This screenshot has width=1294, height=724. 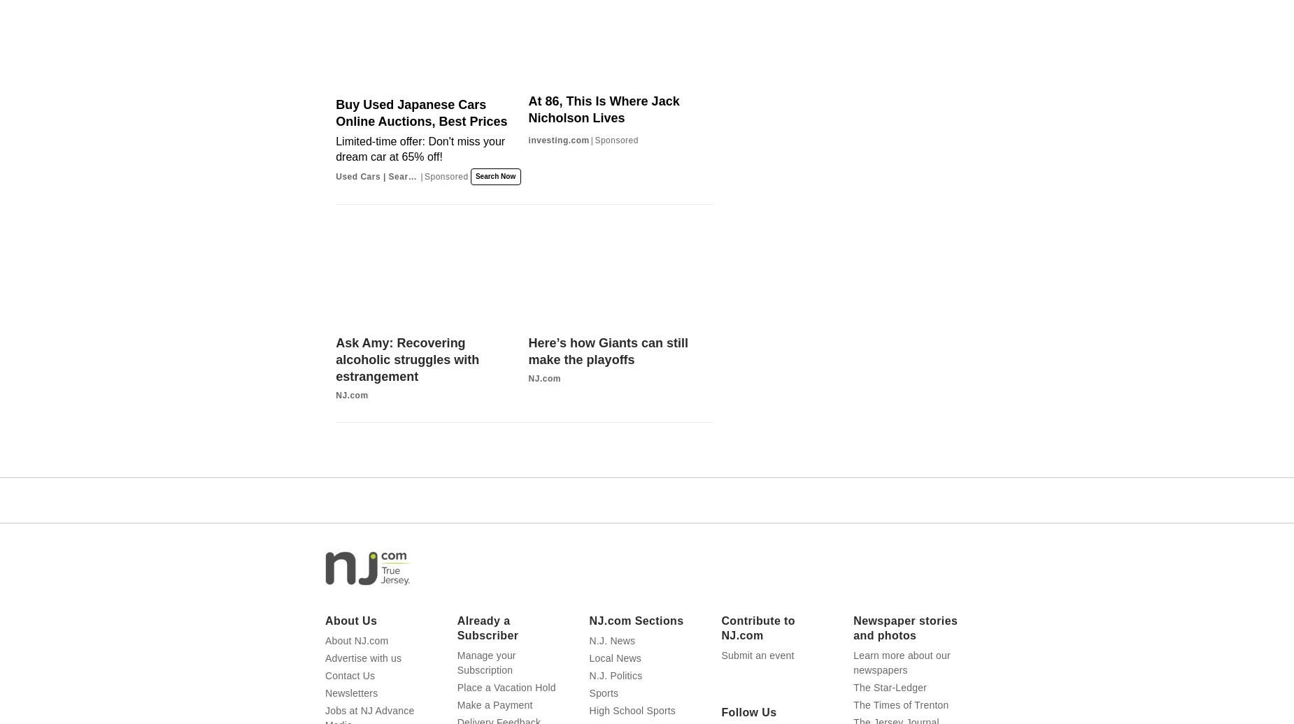 I want to click on 'Already a Subscriber', so click(x=488, y=628).